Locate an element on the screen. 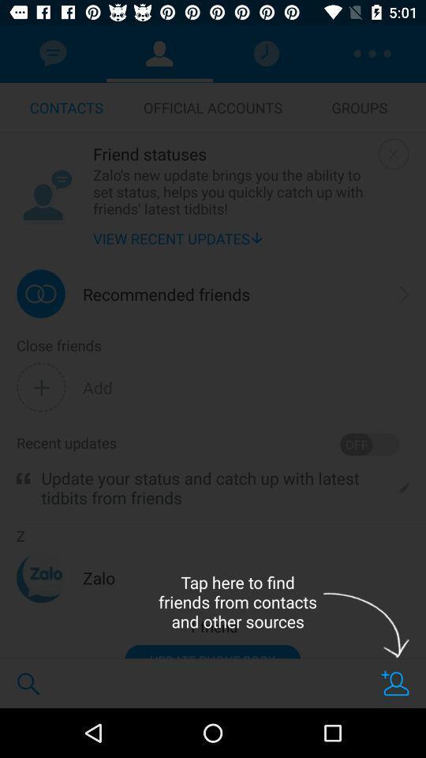  close is located at coordinates (393, 154).